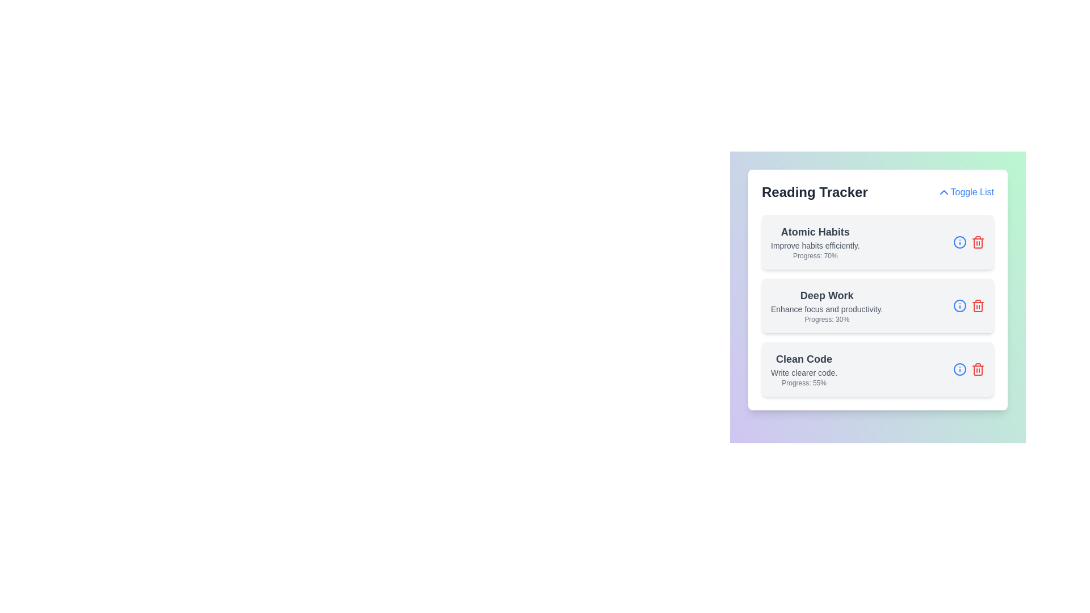  I want to click on the text element titled 'Clean Code', which includes the subtitle 'Write clearer code.' and the progress indicator 'Progress: 55%', located in the 'Reading Tracker' section as the third item in the list, so click(803, 370).